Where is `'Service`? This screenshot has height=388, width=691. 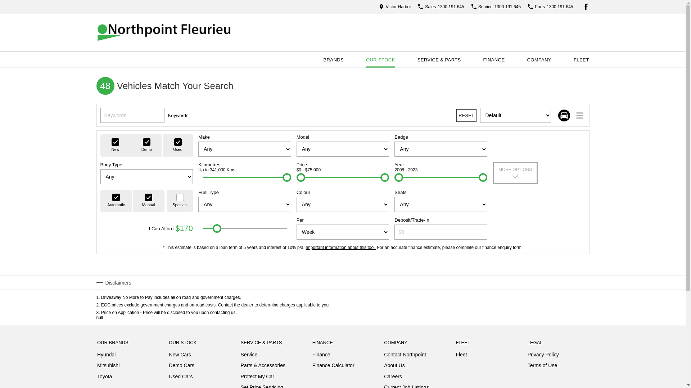
'Service is located at coordinates (496, 6).